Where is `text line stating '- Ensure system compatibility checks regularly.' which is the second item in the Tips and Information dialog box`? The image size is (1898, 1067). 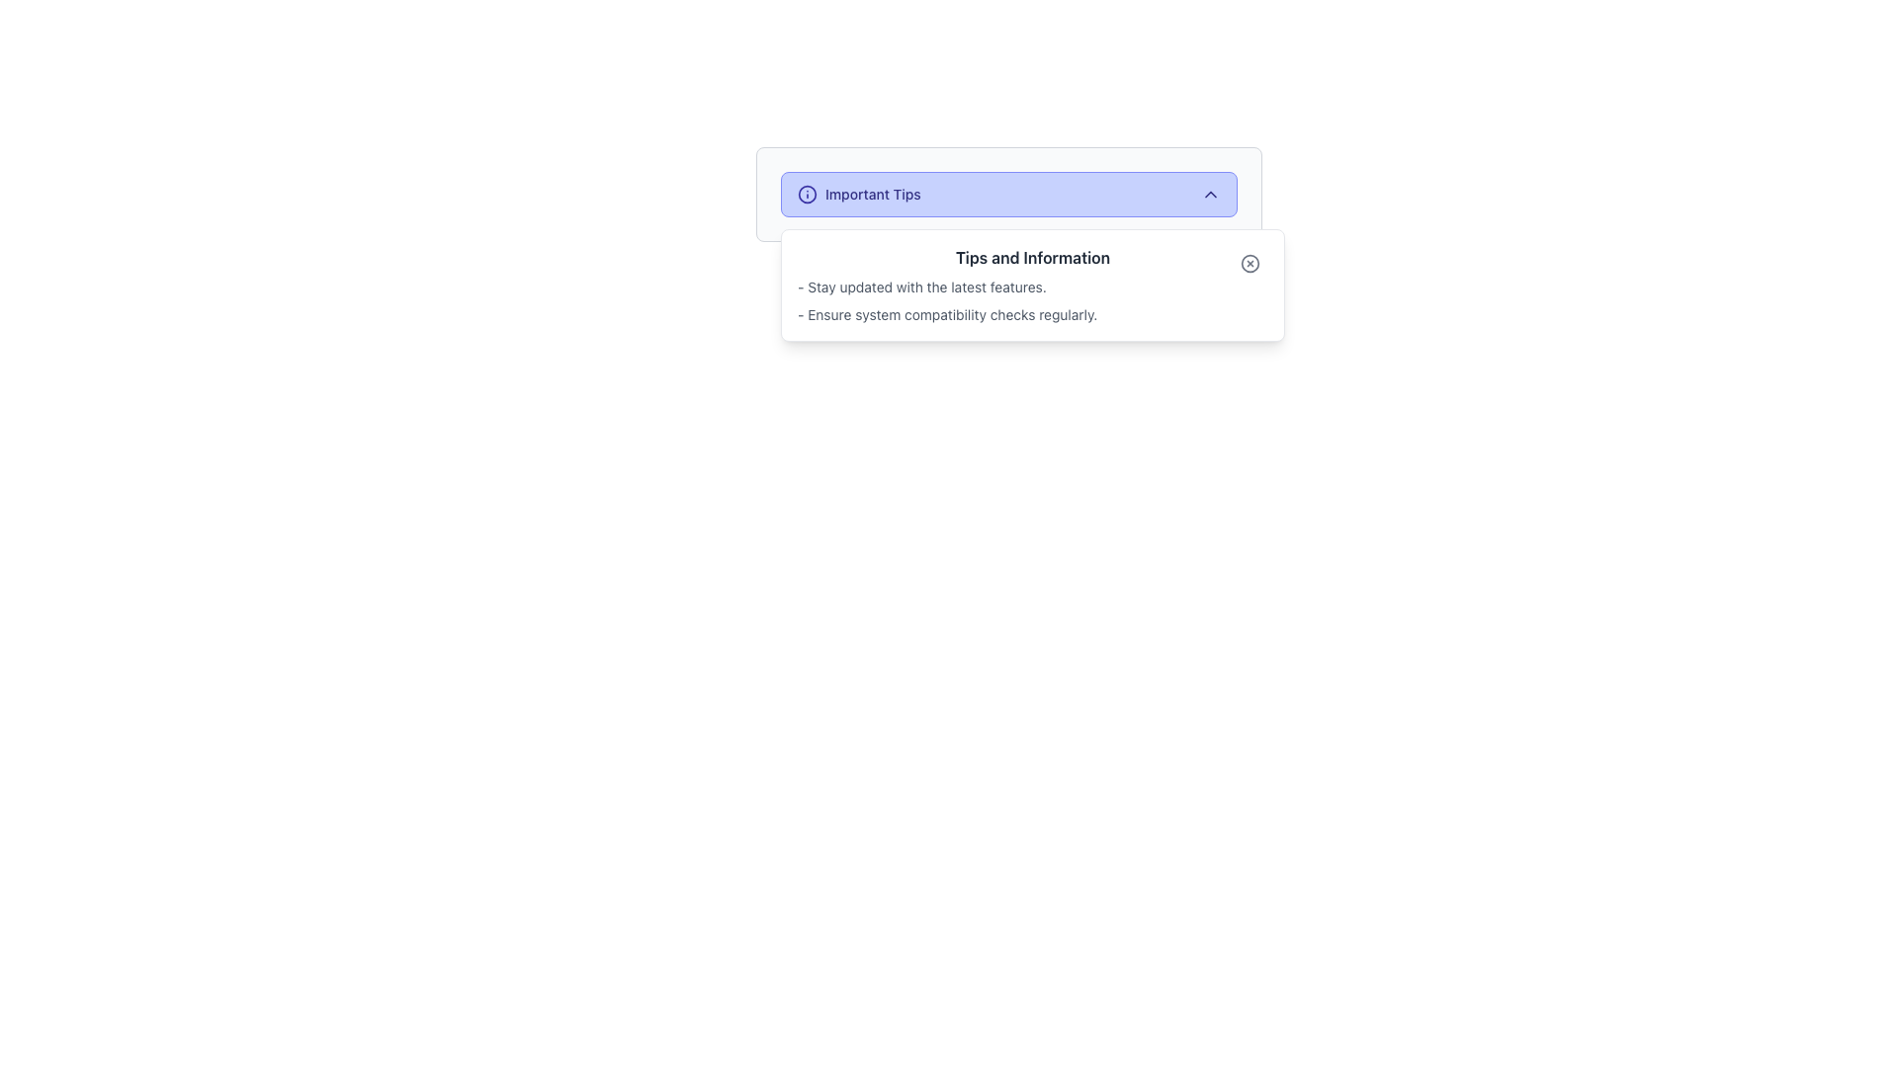 text line stating '- Ensure system compatibility checks regularly.' which is the second item in the Tips and Information dialog box is located at coordinates (1032, 314).